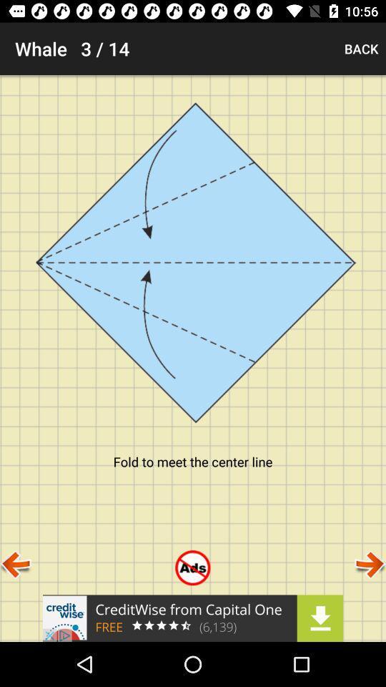  I want to click on open advertisement, so click(193, 618).